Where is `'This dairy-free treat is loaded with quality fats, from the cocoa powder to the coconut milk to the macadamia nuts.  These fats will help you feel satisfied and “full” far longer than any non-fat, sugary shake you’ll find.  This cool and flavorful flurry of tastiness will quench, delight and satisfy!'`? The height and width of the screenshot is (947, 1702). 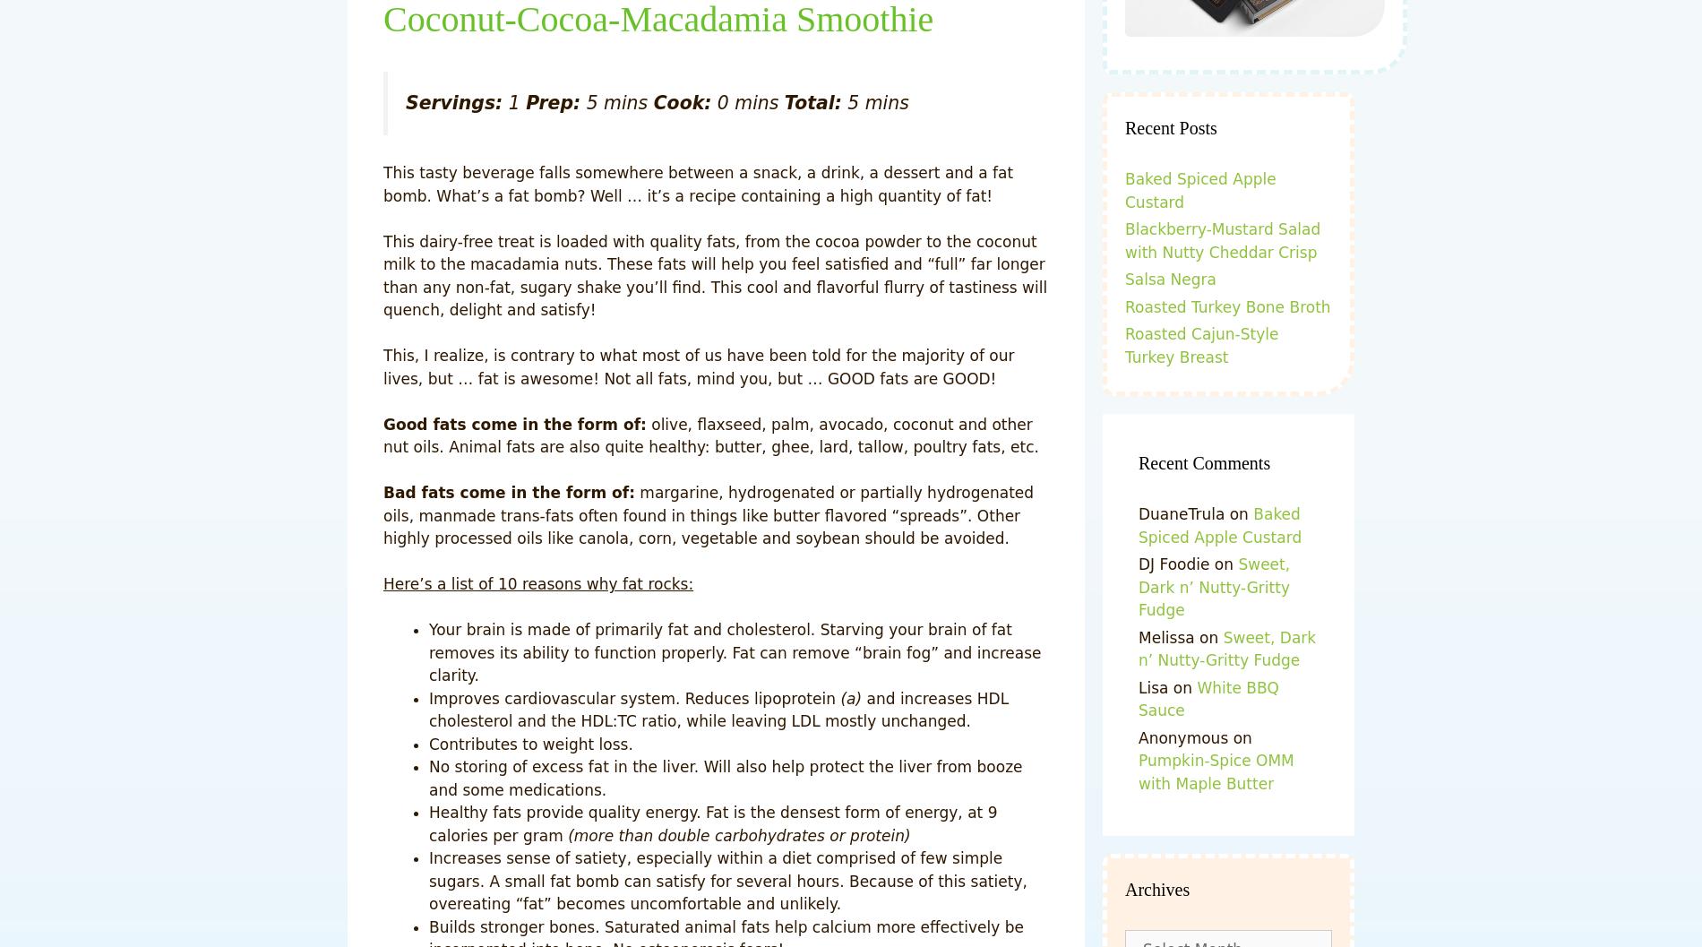 'This dairy-free treat is loaded with quality fats, from the cocoa powder to the coconut milk to the macadamia nuts.  These fats will help you feel satisfied and “full” far longer than any non-fat, sugary shake you’ll find.  This cool and flavorful flurry of tastiness will quench, delight and satisfy!' is located at coordinates (714, 275).